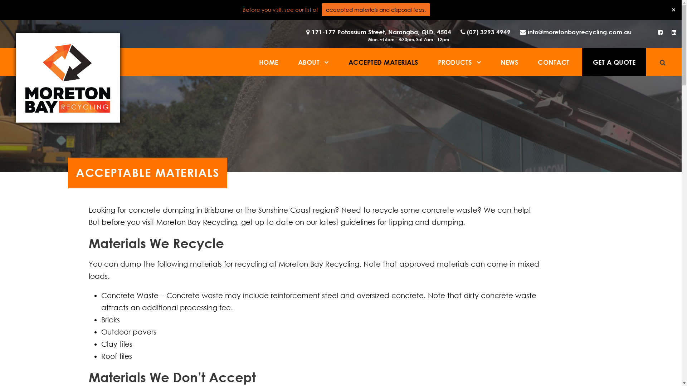 Image resolution: width=687 pixels, height=386 pixels. Describe the element at coordinates (614, 61) in the screenshot. I see `'GET A QUOTE'` at that location.